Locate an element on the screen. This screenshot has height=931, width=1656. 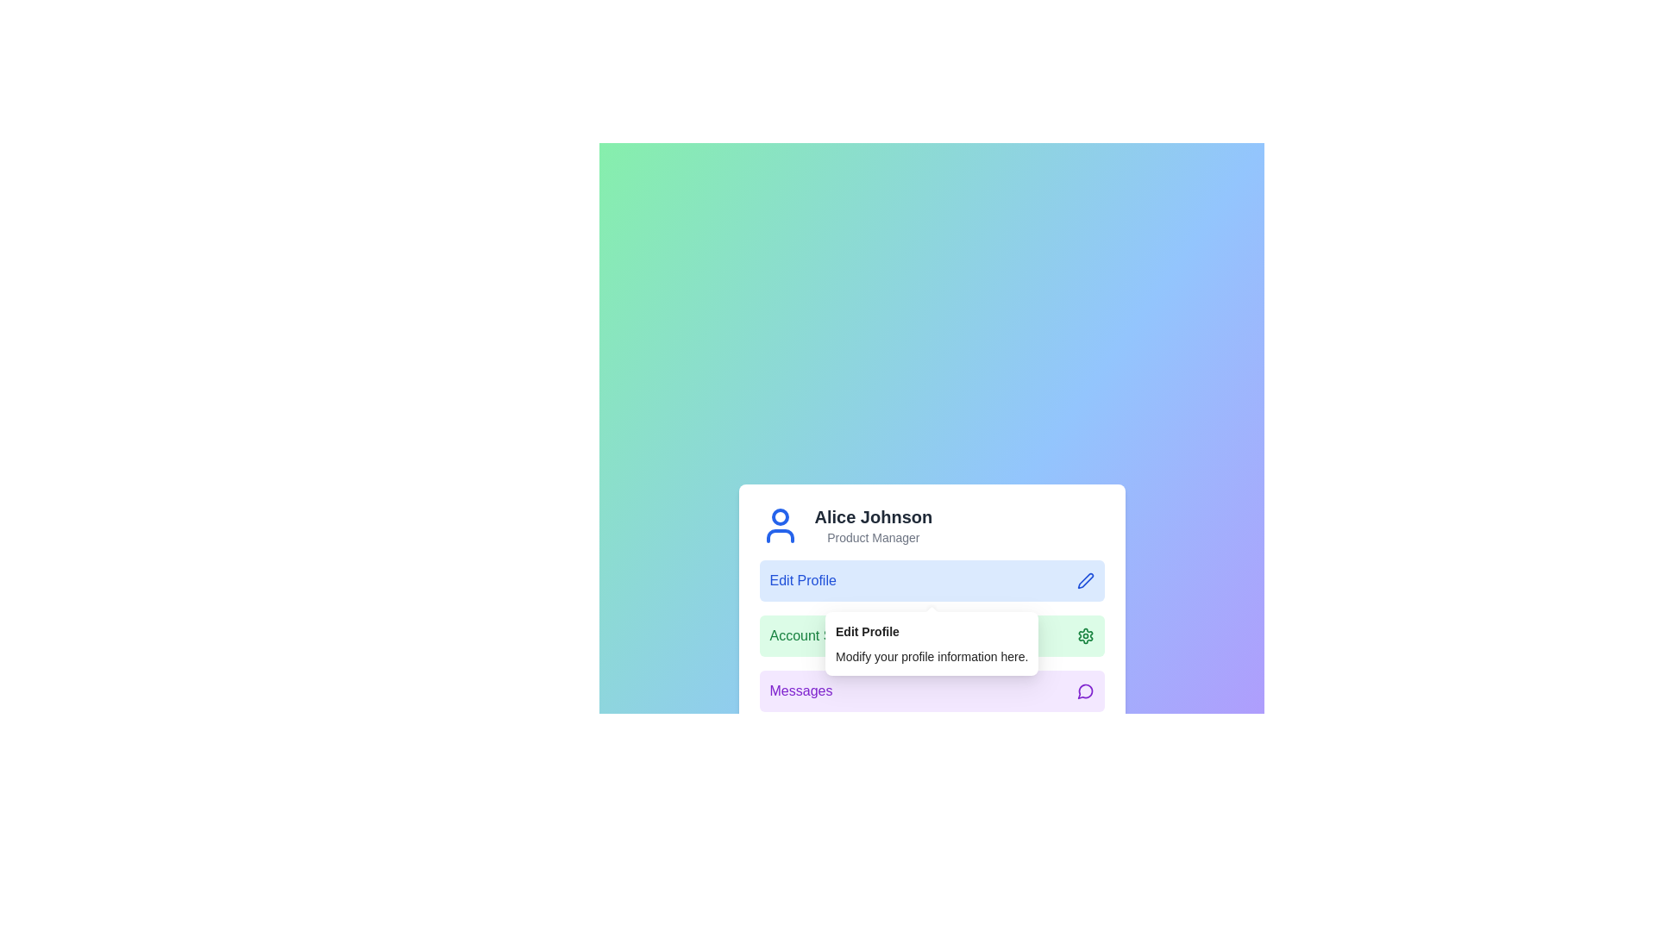
the edit icon located is located at coordinates (1084, 581).